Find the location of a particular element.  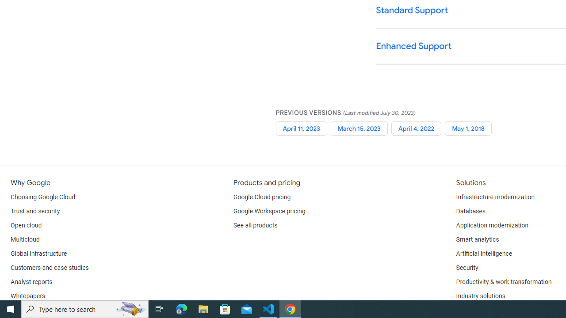

'Whitepapers' is located at coordinates (28, 296).